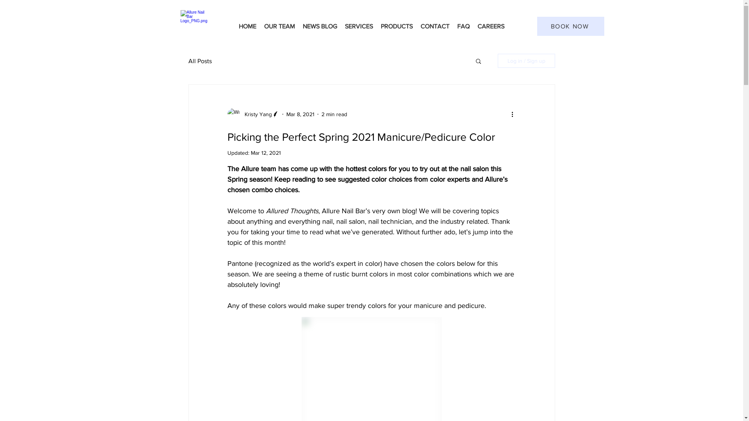 The image size is (749, 421). What do you see at coordinates (397, 26) in the screenshot?
I see `'PRODUCTS'` at bounding box center [397, 26].